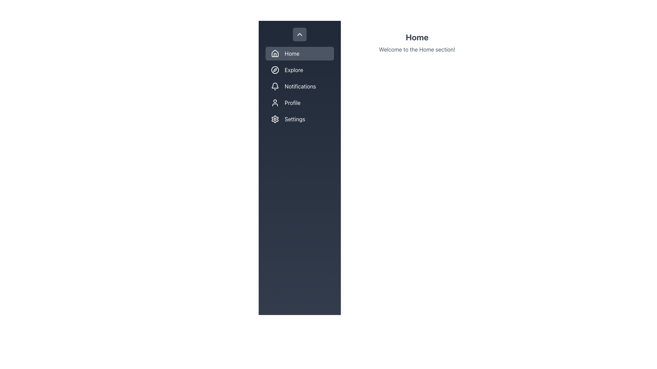 Image resolution: width=657 pixels, height=369 pixels. I want to click on the Text label (header) indicating the 'Home' section, which is positioned above the subtitle 'Welcome to the Home section!', so click(417, 37).